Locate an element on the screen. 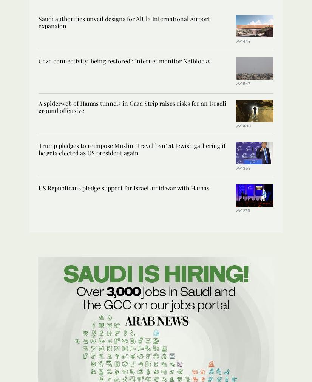  '359' is located at coordinates (242, 167).